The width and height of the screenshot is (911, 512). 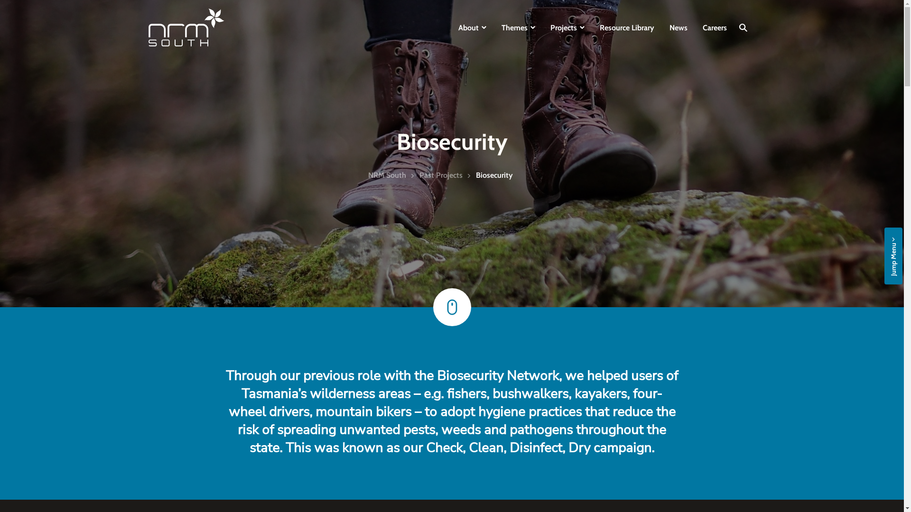 I want to click on 'Themes', so click(x=517, y=27).